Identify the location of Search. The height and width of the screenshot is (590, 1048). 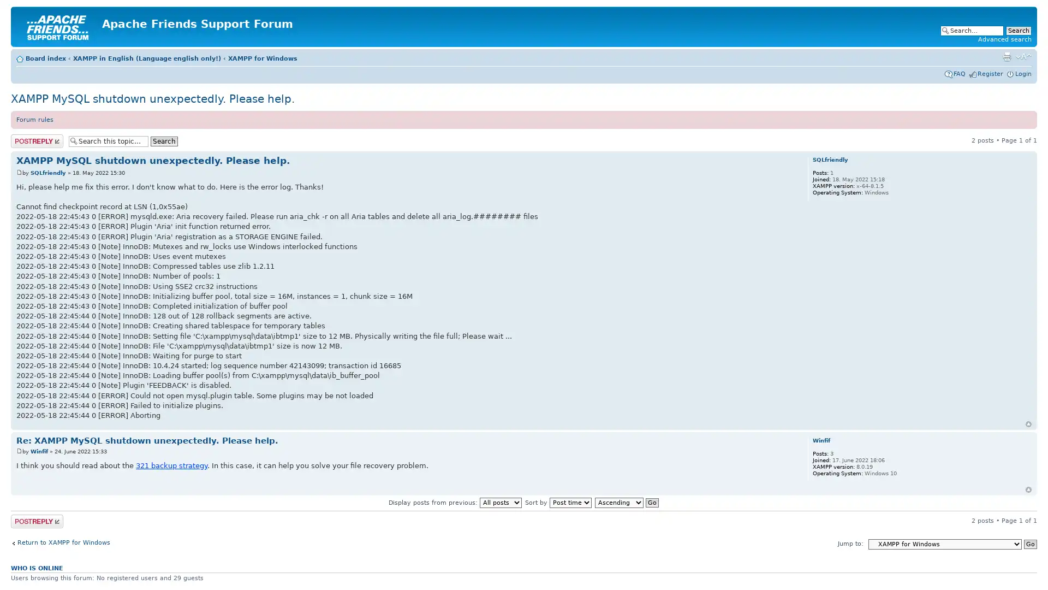
(1018, 30).